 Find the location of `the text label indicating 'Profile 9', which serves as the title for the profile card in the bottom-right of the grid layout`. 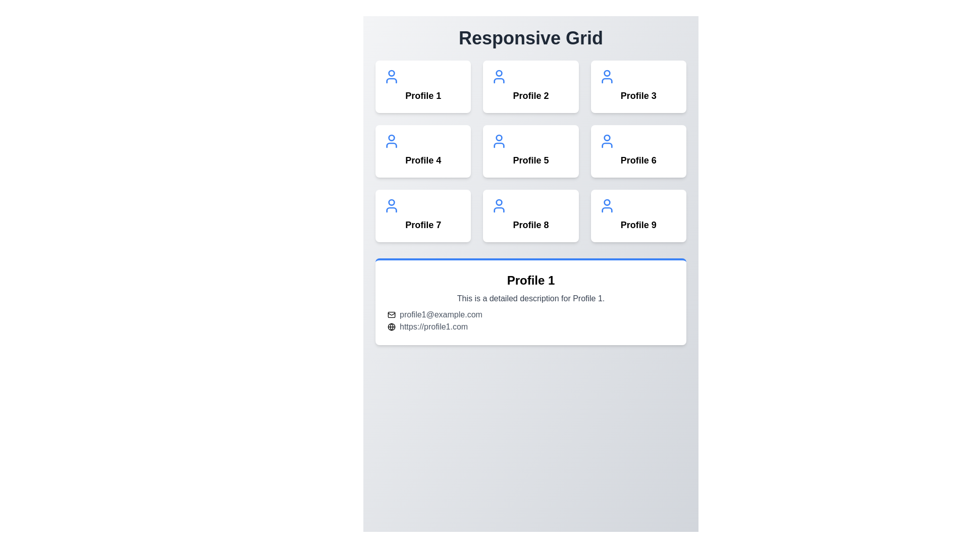

the text label indicating 'Profile 9', which serves as the title for the profile card in the bottom-right of the grid layout is located at coordinates (638, 225).